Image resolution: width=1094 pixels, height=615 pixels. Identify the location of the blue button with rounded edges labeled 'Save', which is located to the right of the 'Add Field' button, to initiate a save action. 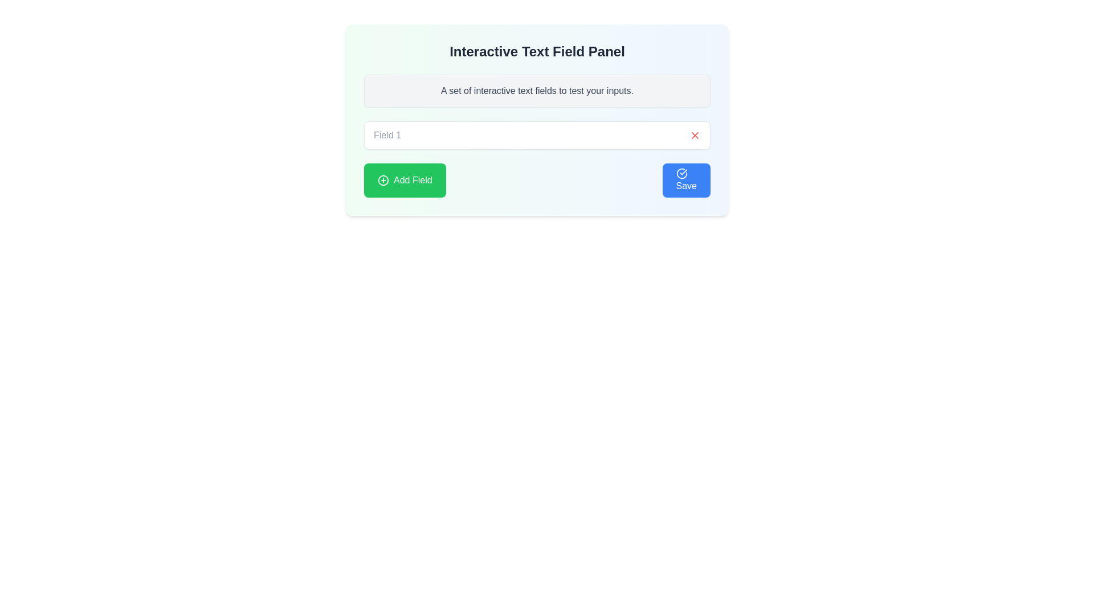
(685, 179).